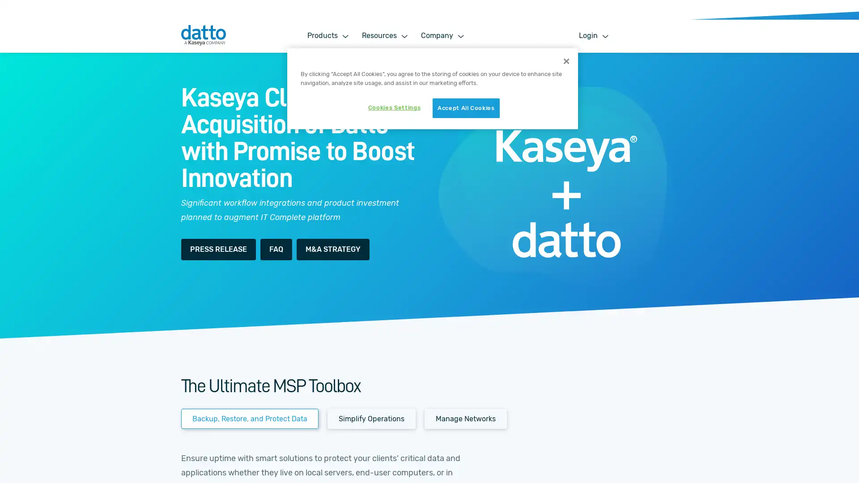 This screenshot has width=859, height=483. What do you see at coordinates (465, 419) in the screenshot?
I see `Manage Networks` at bounding box center [465, 419].